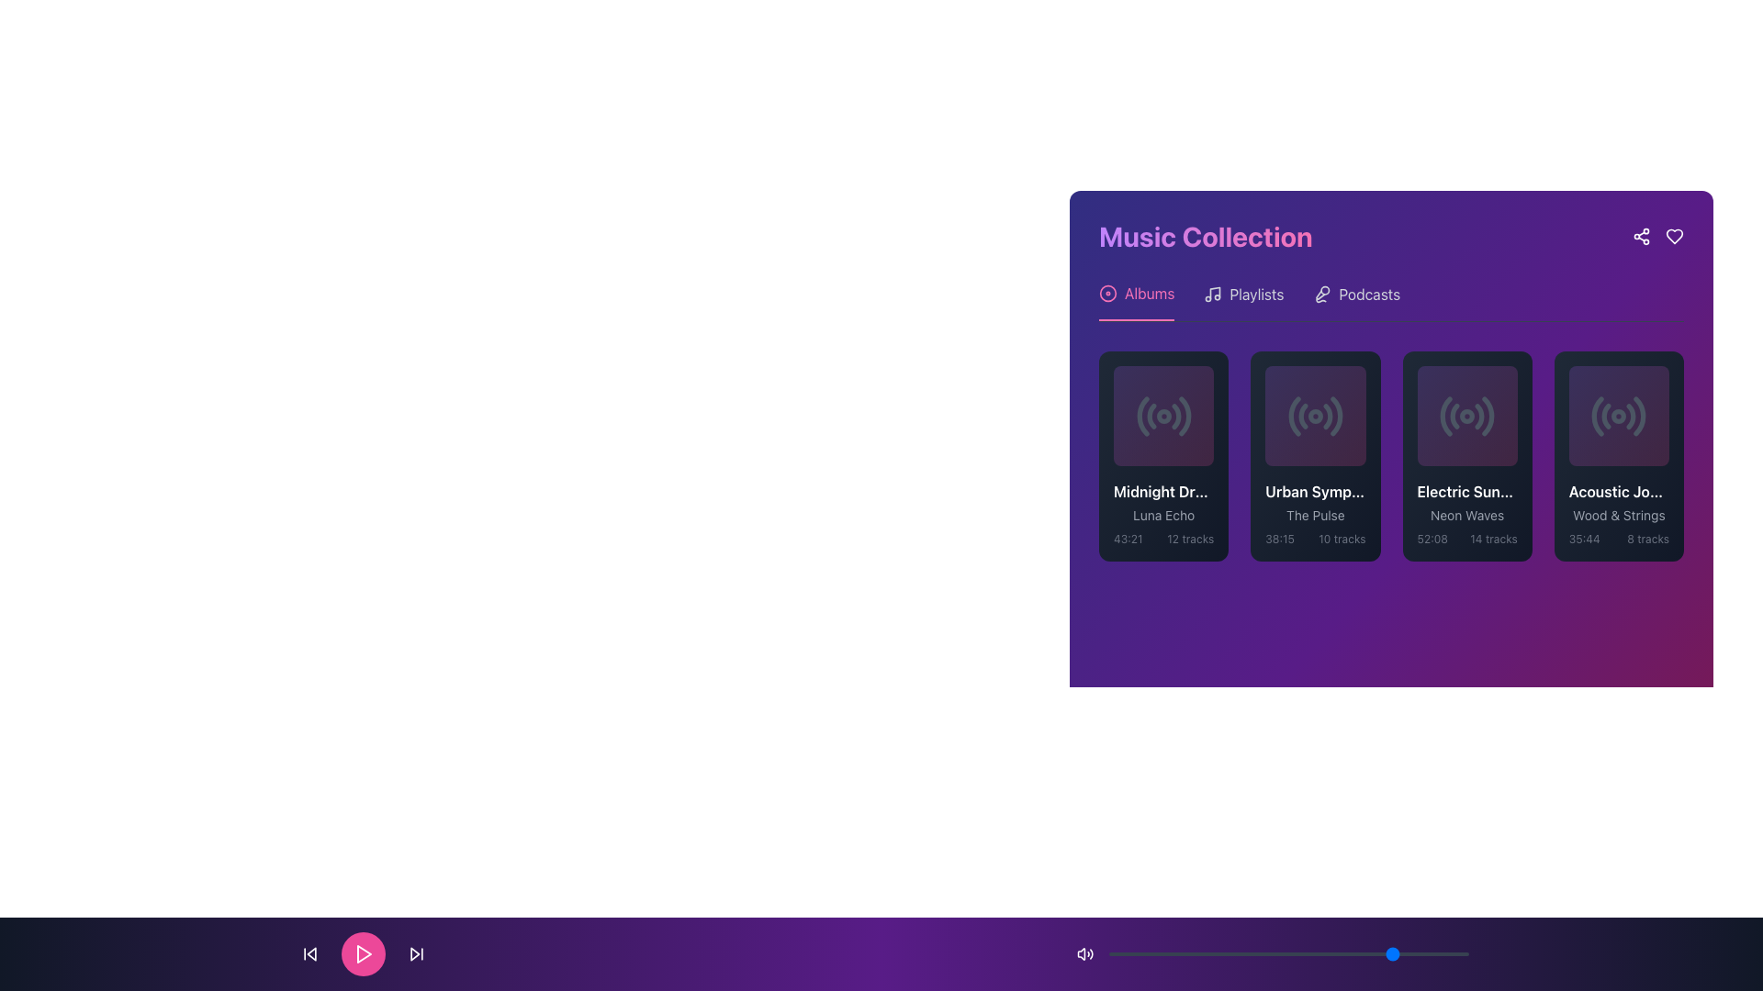  Describe the element at coordinates (1466, 416) in the screenshot. I see `the 'Electric Sunset' thumbnail with a gradient background and radio waves icon` at that location.